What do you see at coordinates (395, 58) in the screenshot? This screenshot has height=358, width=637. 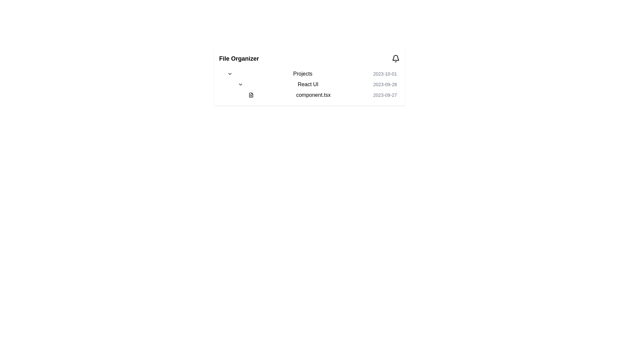 I see `the Notification Icon, which is a bell-shaped icon located in the top-right corner of the 'File Organizer' header` at bounding box center [395, 58].